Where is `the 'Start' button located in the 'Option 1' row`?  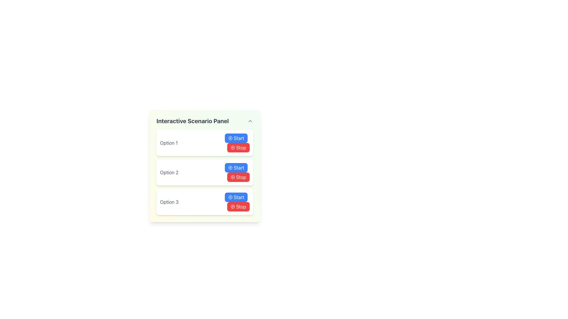
the 'Start' button located in the 'Option 1' row is located at coordinates (236, 138).